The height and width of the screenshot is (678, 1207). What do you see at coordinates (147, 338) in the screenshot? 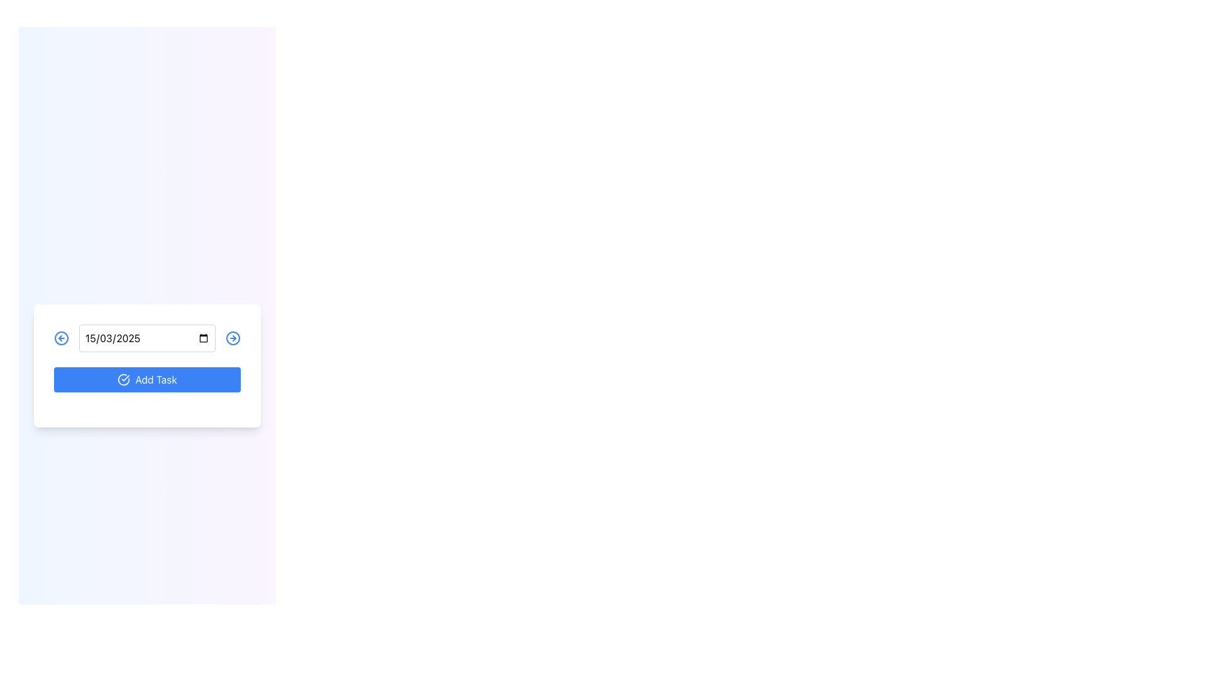
I see `the date input field displaying '15/03/2025'` at bounding box center [147, 338].